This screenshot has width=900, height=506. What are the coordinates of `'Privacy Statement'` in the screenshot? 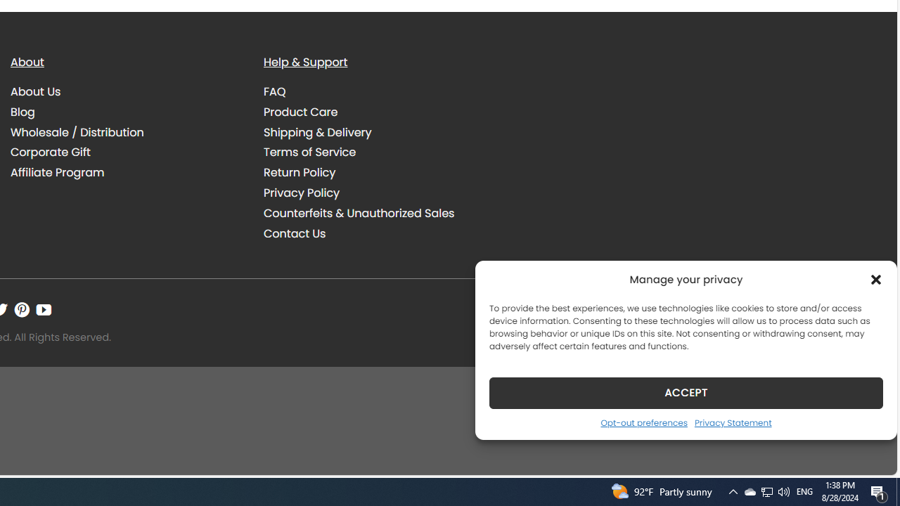 It's located at (732, 422).